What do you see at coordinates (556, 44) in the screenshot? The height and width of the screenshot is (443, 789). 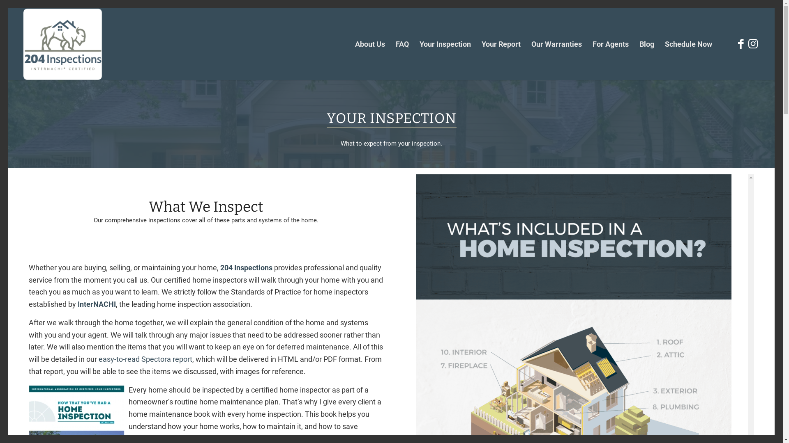 I see `'Our Warranties'` at bounding box center [556, 44].